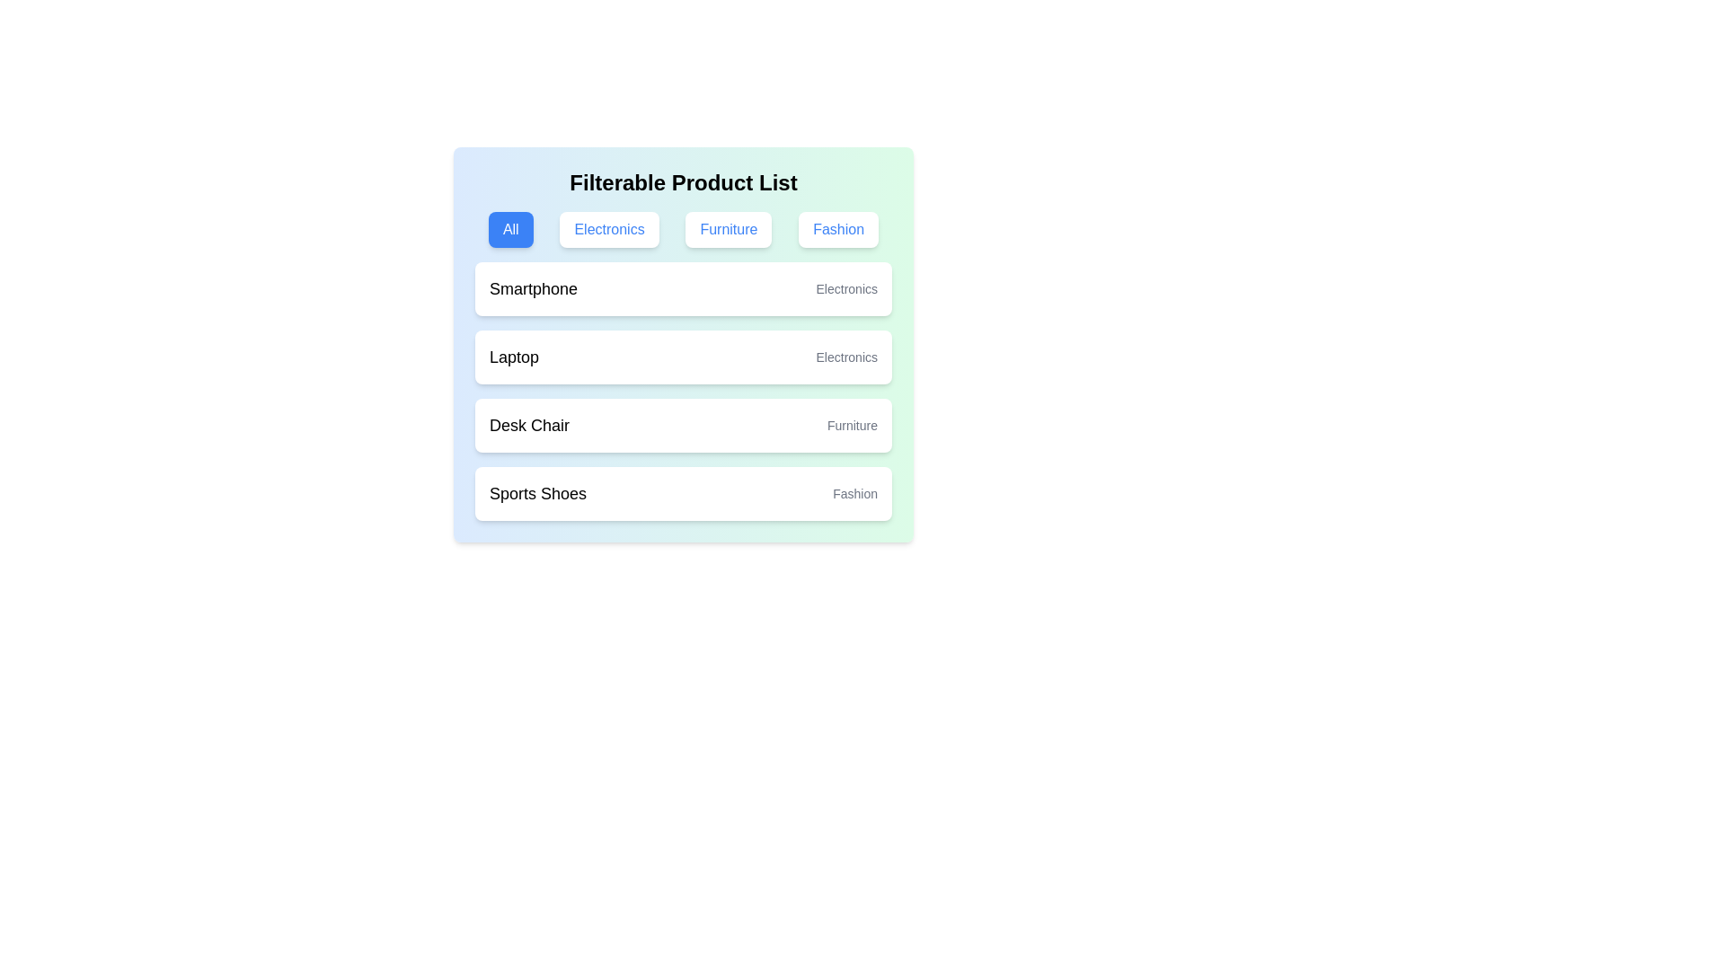  What do you see at coordinates (683, 426) in the screenshot?
I see `the product list item Desk Chair` at bounding box center [683, 426].